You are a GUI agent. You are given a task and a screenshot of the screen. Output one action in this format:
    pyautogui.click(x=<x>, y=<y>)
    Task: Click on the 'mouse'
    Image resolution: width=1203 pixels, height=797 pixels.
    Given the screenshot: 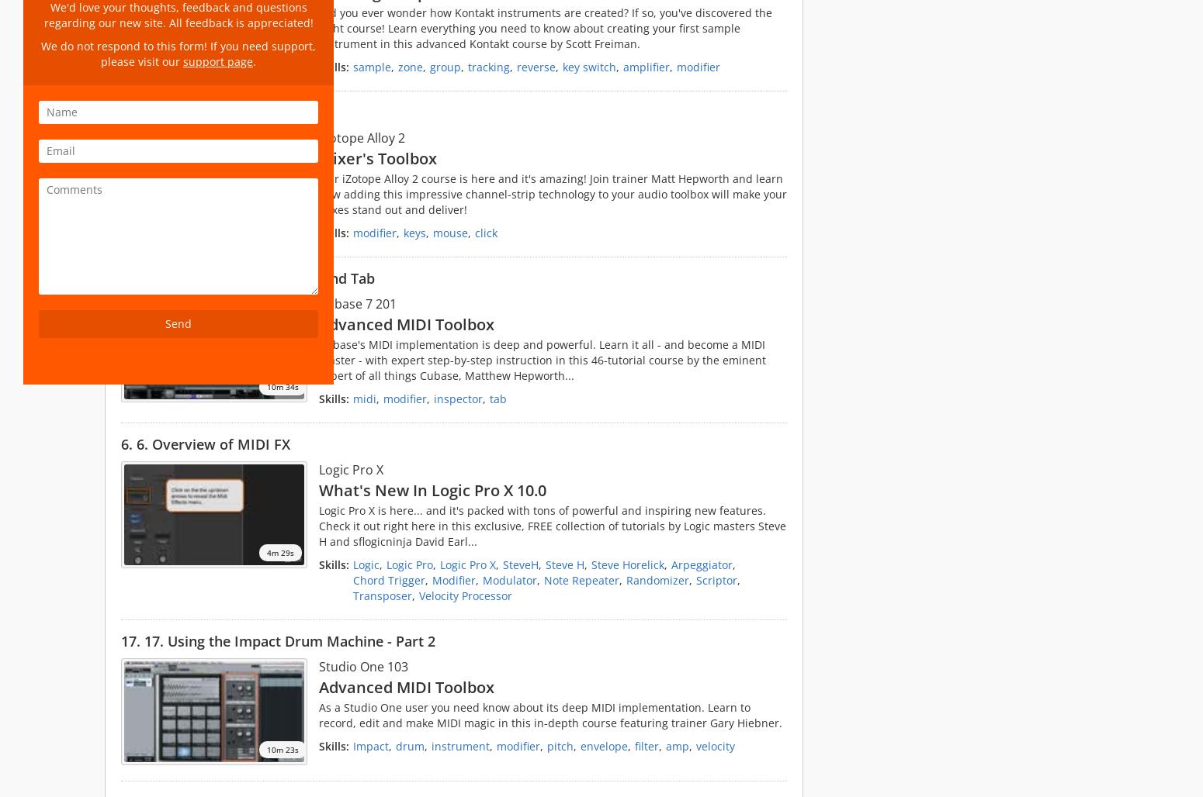 What is the action you would take?
    pyautogui.click(x=450, y=233)
    